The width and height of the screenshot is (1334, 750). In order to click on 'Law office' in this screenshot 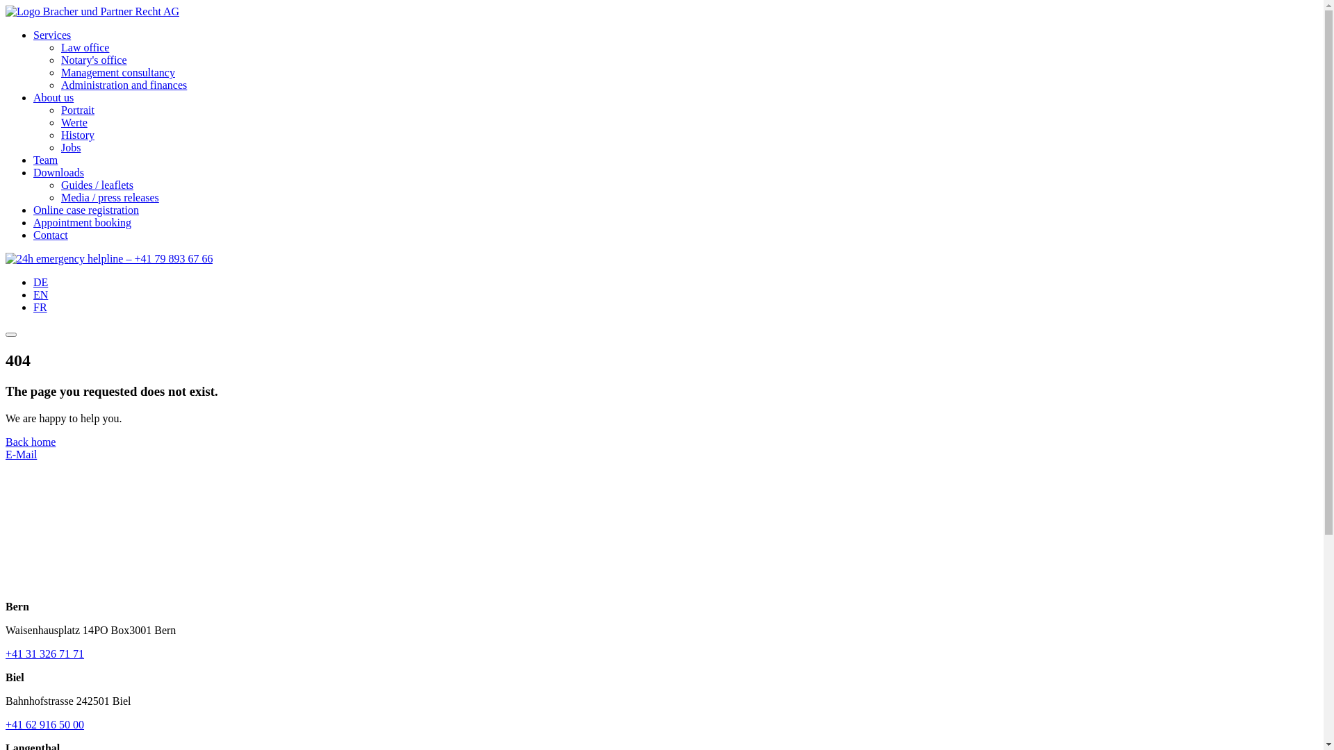, I will do `click(60, 47)`.